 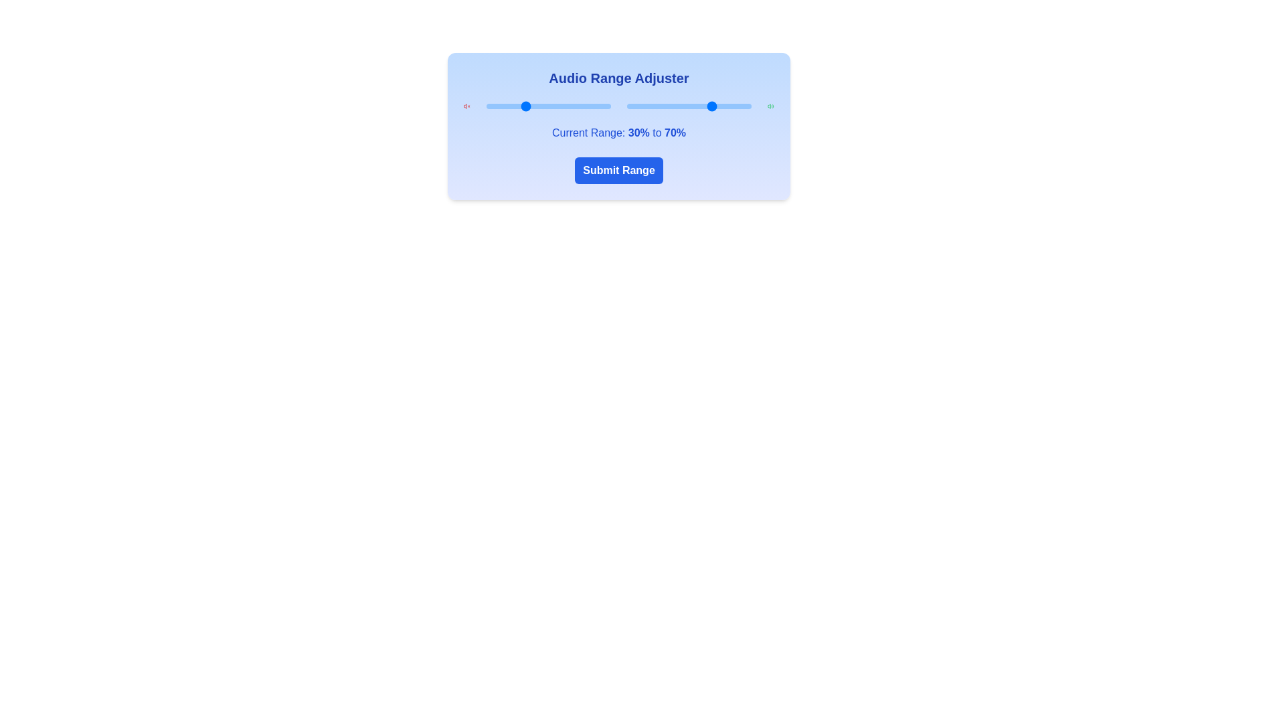 What do you see at coordinates (573, 105) in the screenshot?
I see `the slider` at bounding box center [573, 105].